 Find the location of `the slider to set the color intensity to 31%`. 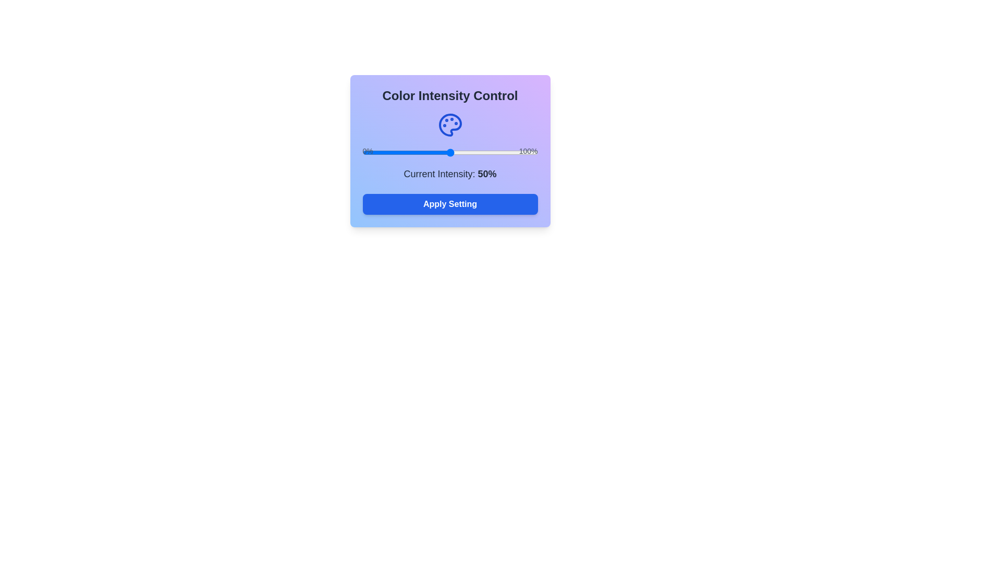

the slider to set the color intensity to 31% is located at coordinates (416, 153).